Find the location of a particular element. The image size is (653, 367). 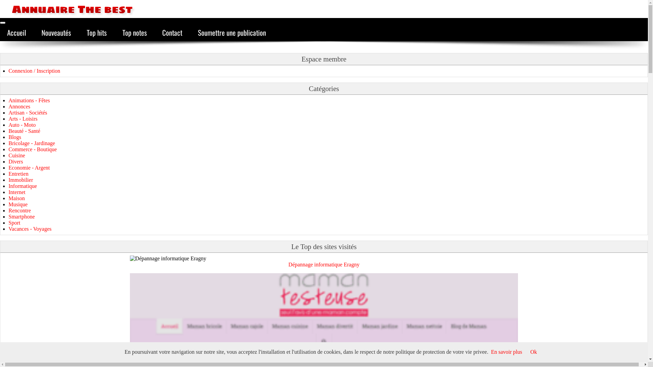

'Arts - Loisirs' is located at coordinates (23, 118).